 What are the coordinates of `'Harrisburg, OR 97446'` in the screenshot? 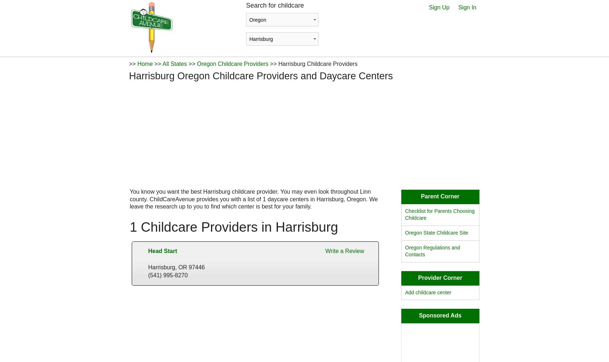 It's located at (176, 266).